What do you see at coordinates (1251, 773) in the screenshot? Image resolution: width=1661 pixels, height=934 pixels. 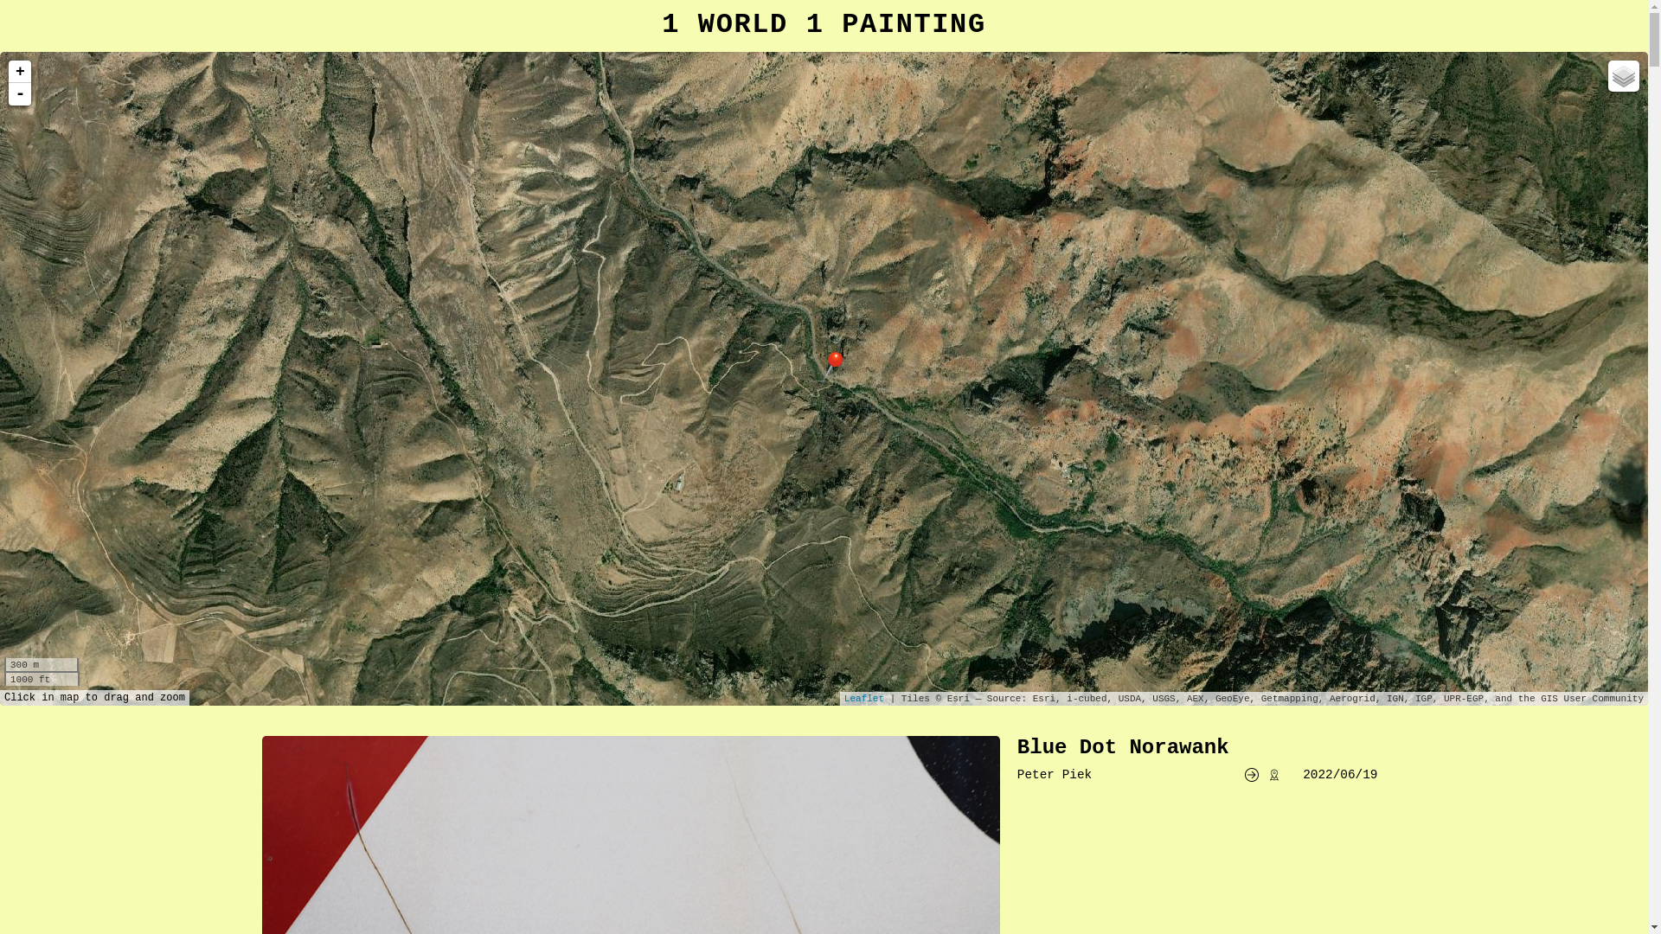 I see `'go to website'` at bounding box center [1251, 773].